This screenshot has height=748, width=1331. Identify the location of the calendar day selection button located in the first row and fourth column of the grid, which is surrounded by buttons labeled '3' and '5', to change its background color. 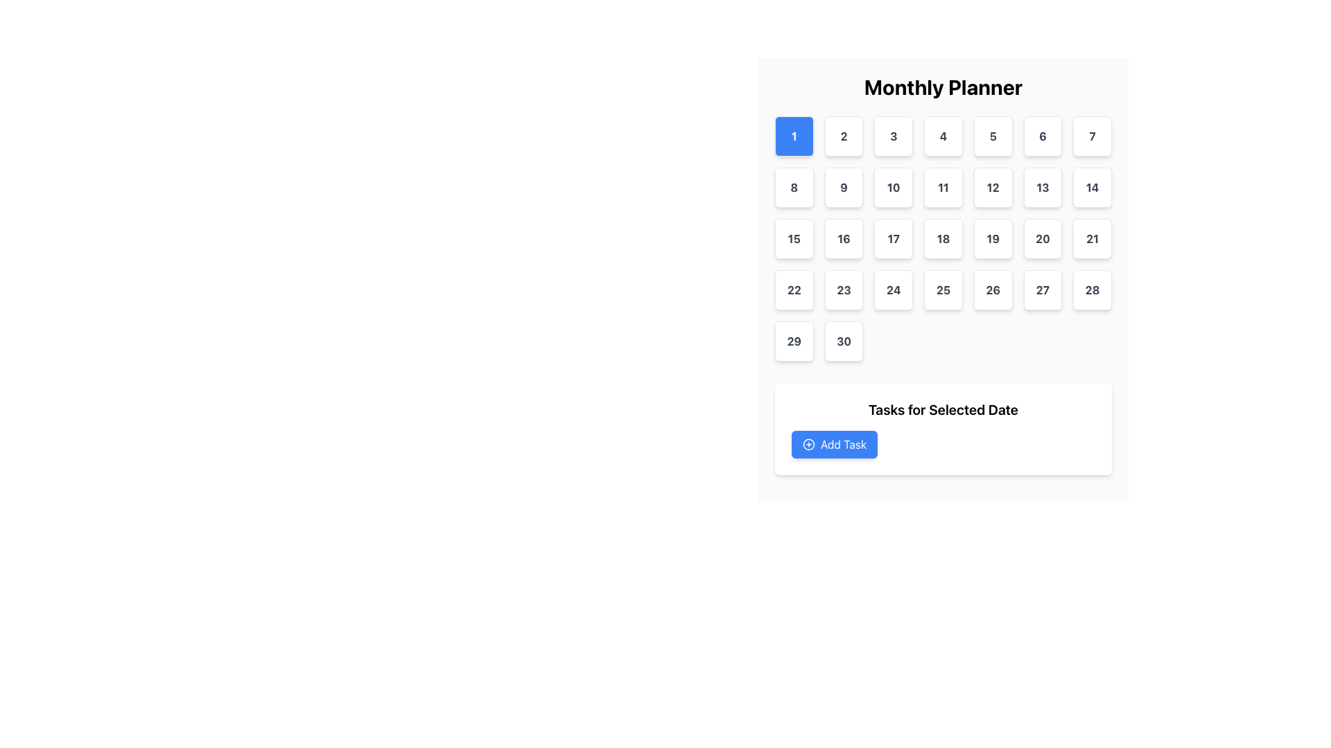
(943, 136).